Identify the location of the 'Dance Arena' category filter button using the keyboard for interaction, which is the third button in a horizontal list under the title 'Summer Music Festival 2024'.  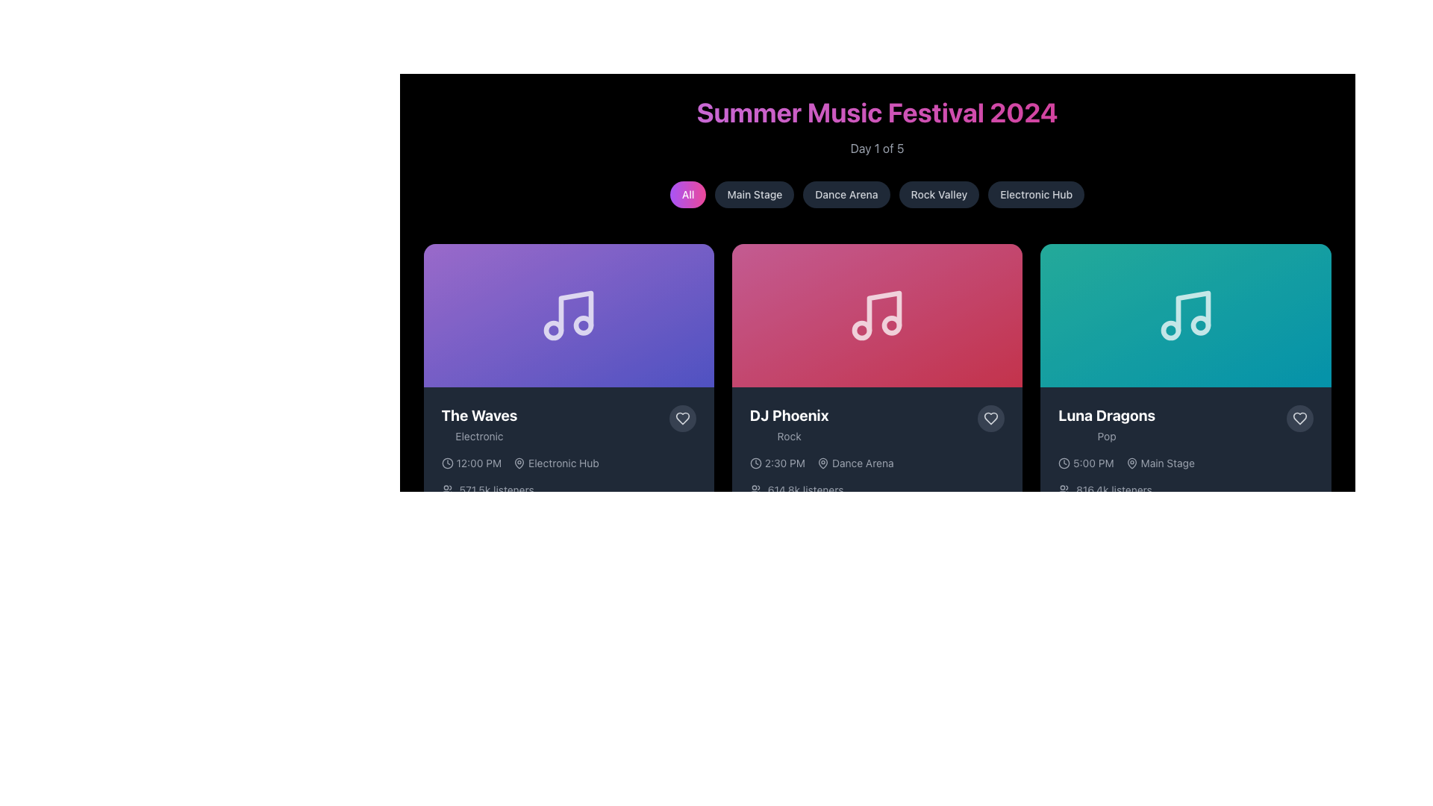
(846, 194).